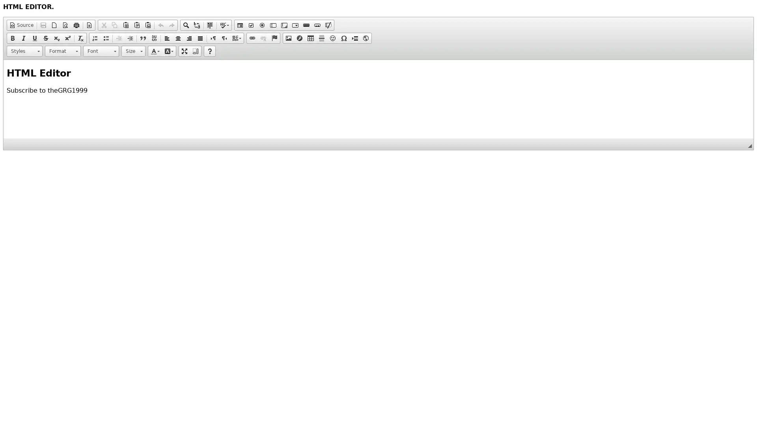 This screenshot has height=426, width=757. Describe the element at coordinates (200, 38) in the screenshot. I see `Justify` at that location.